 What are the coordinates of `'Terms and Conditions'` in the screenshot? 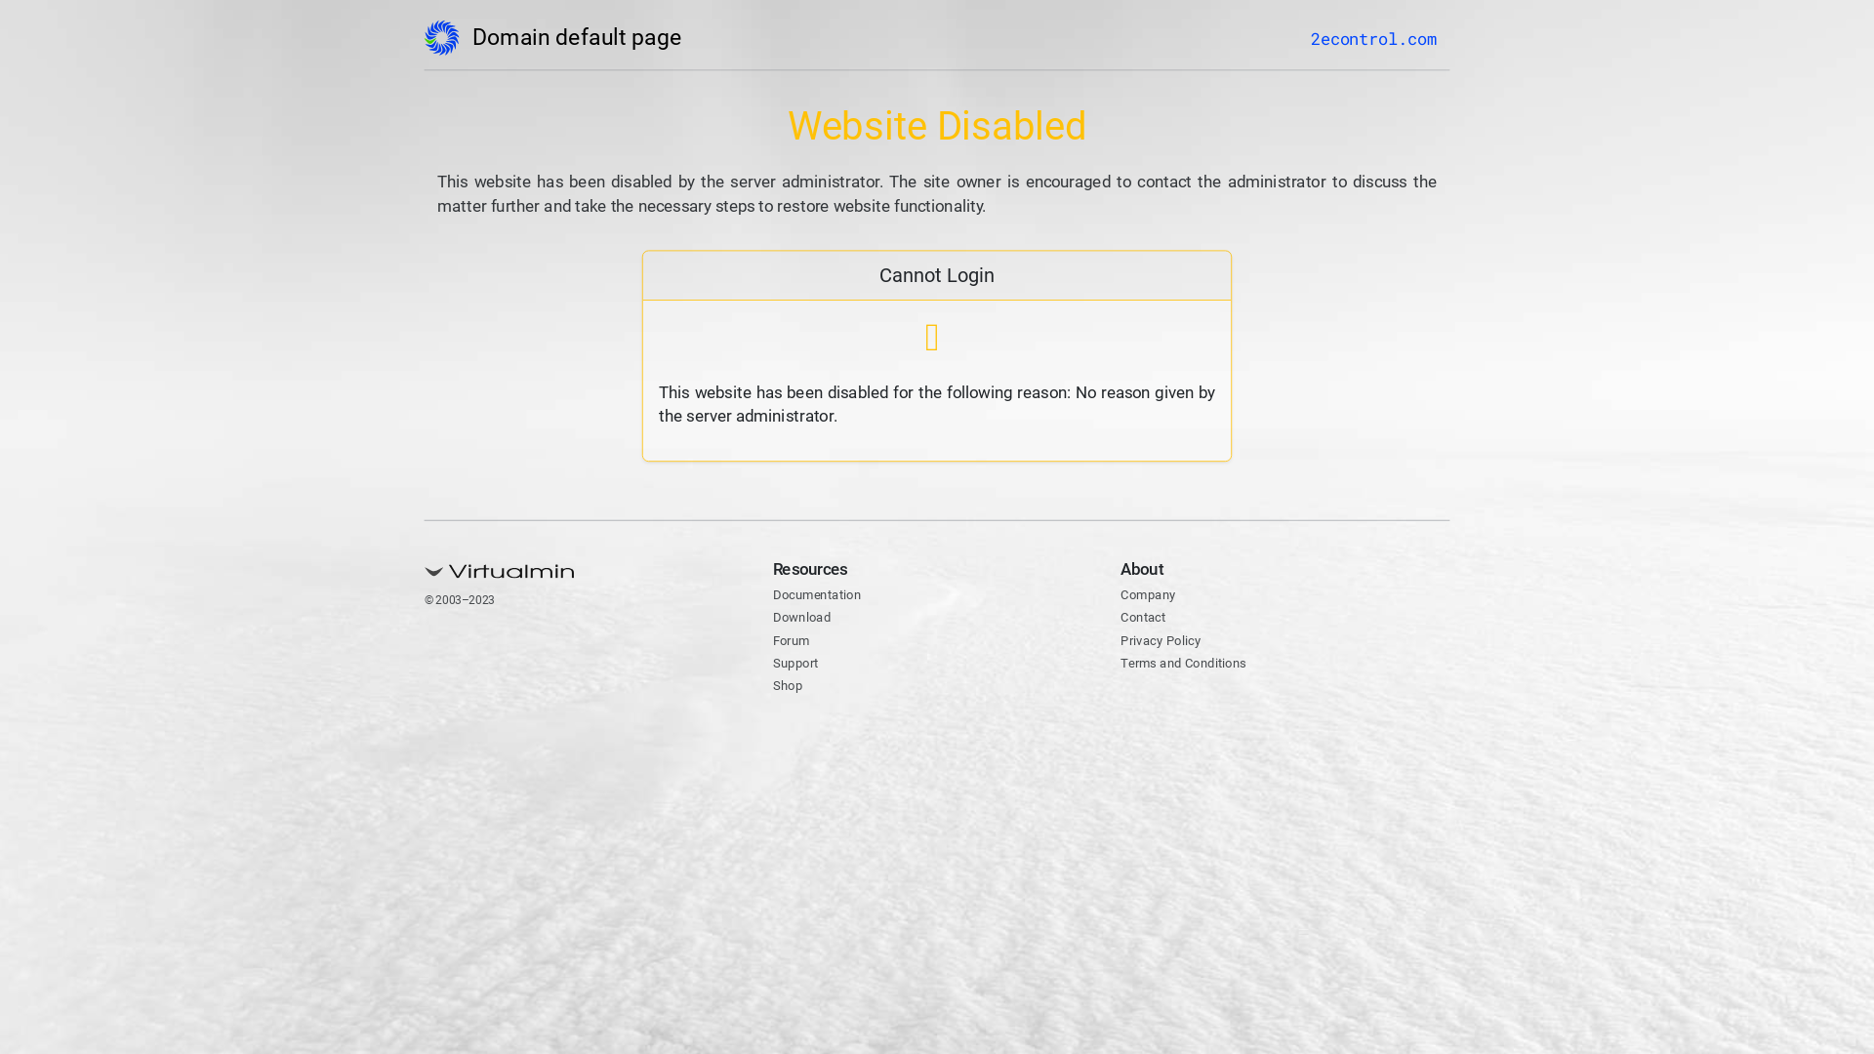 It's located at (1120, 663).